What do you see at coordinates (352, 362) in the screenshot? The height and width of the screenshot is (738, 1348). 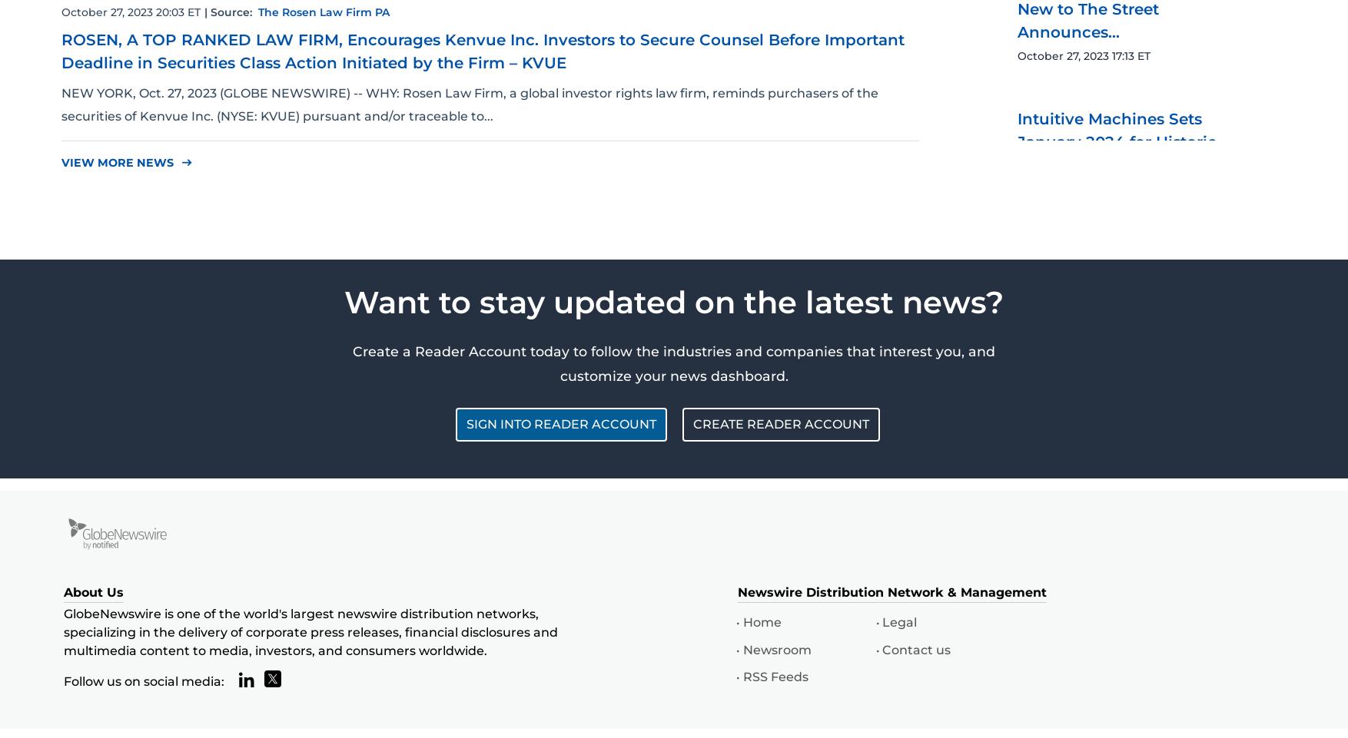 I see `'Create a Reader Account today to follow the industries and companies that interest you, and customize your news dashboard.'` at bounding box center [352, 362].